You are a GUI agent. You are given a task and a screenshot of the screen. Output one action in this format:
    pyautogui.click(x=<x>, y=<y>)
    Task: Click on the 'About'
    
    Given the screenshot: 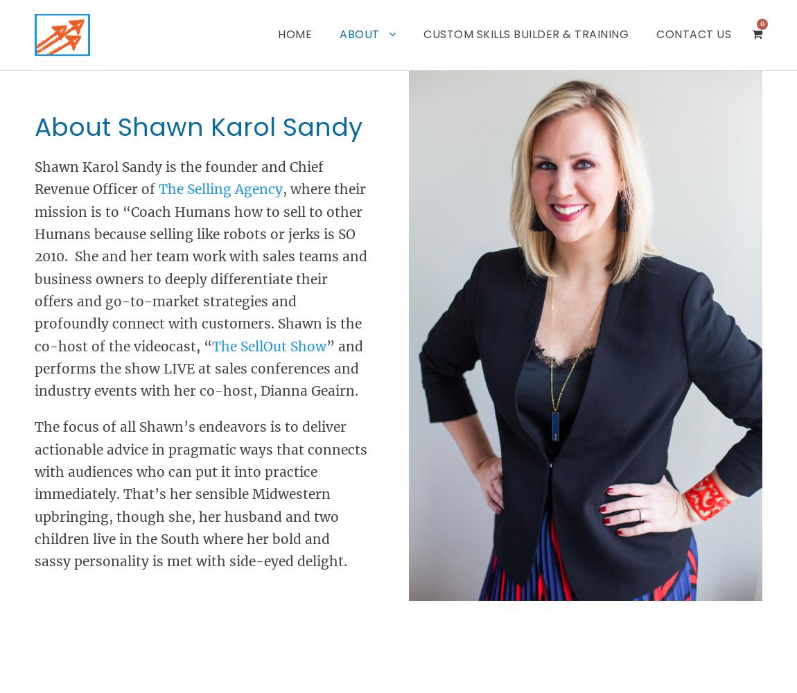 What is the action you would take?
    pyautogui.click(x=359, y=34)
    